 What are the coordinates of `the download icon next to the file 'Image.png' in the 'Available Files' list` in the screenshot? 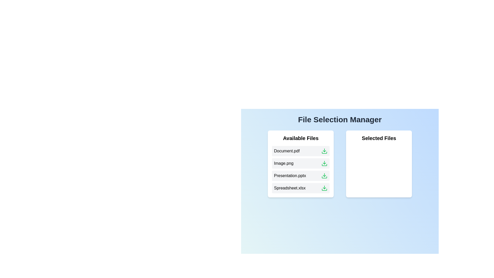 It's located at (324, 163).